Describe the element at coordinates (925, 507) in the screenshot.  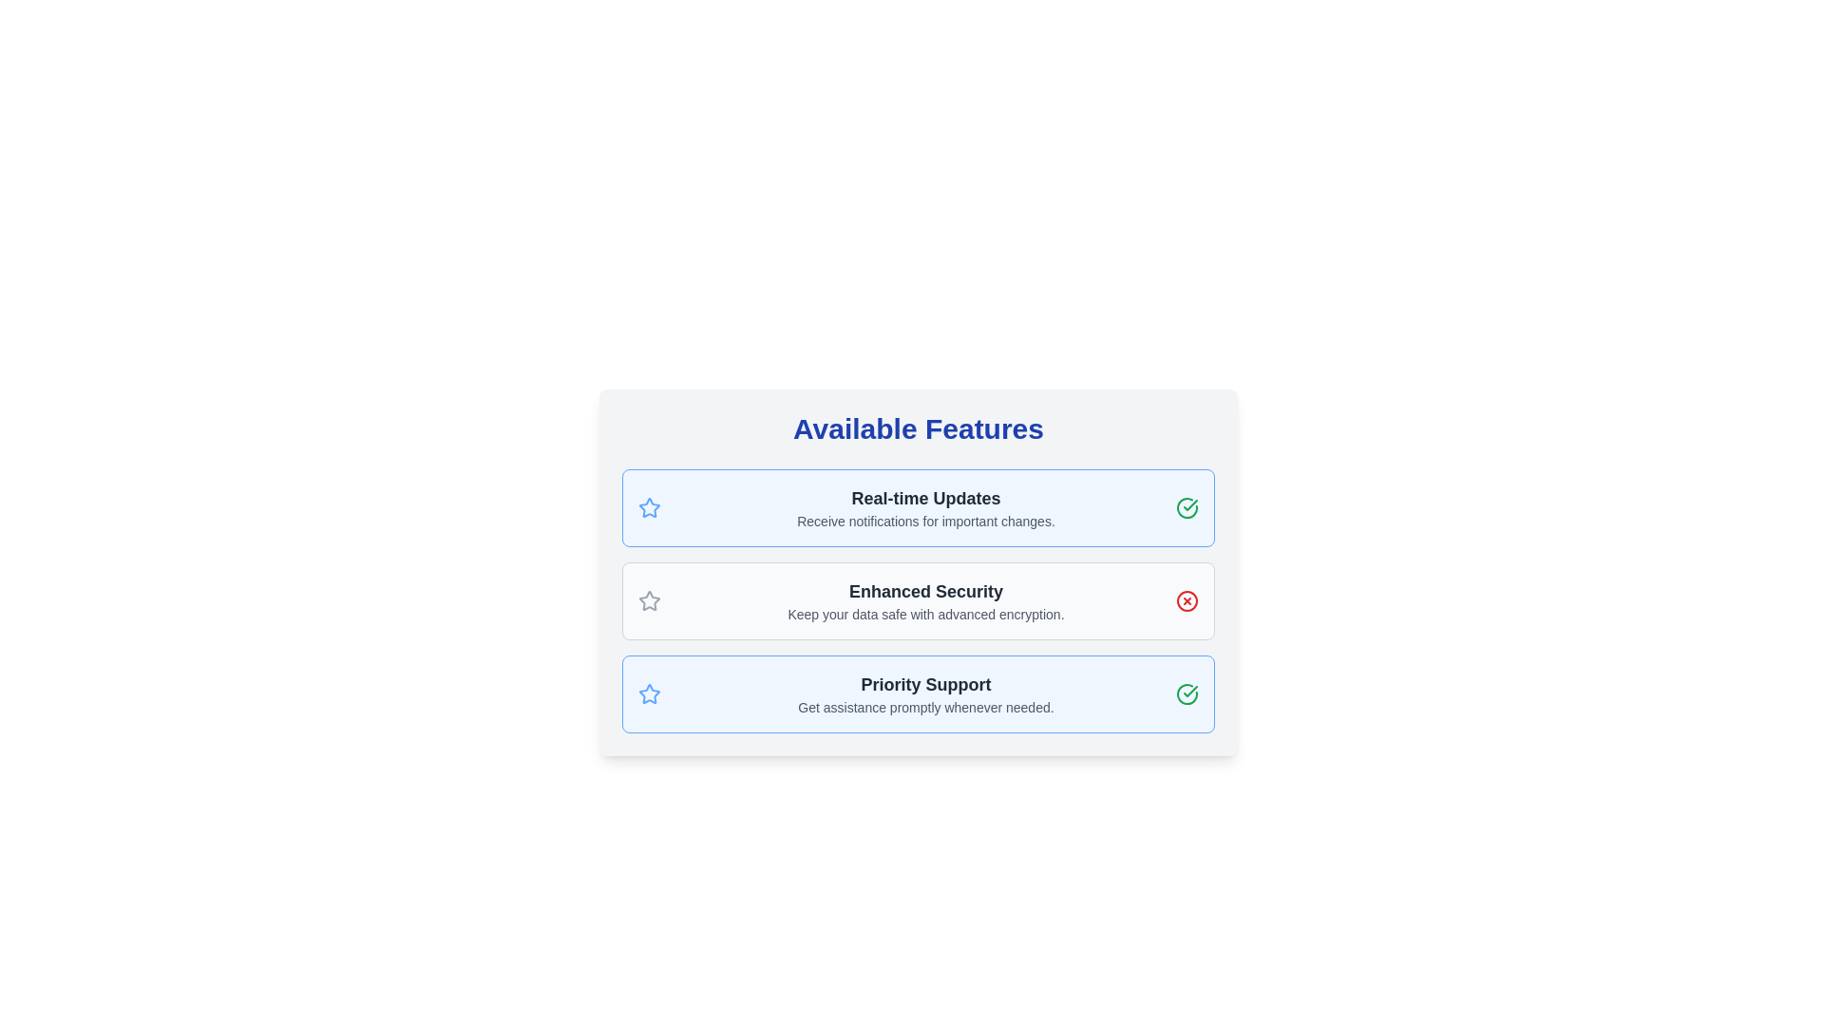
I see `text block describing the 'Real-time Updates' feature, which is located within the first card under the 'Available Features' heading` at that location.